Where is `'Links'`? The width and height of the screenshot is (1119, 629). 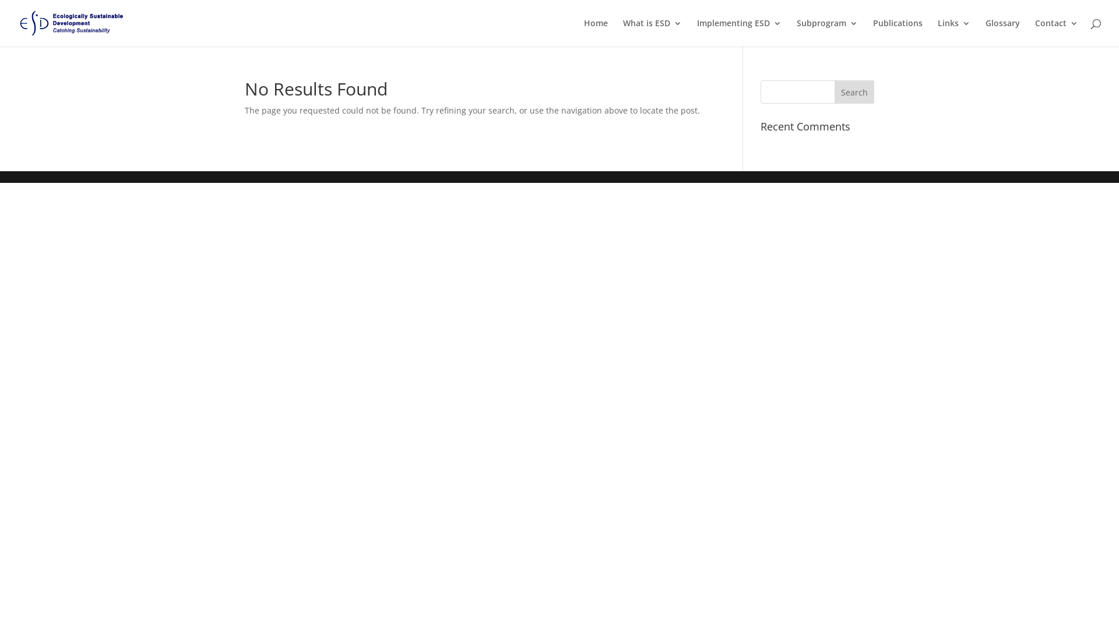 'Links' is located at coordinates (937, 32).